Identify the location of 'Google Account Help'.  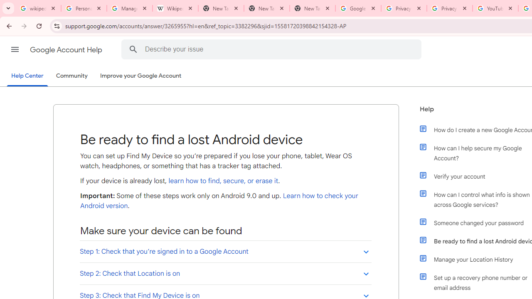
(66, 49).